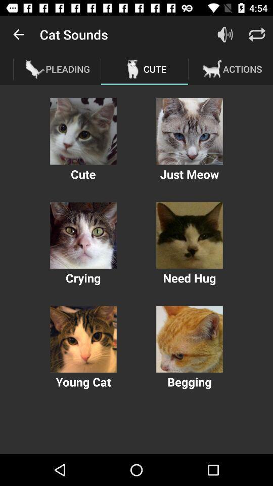 This screenshot has height=486, width=273. What do you see at coordinates (18, 34) in the screenshot?
I see `icon to the left of cat sounds` at bounding box center [18, 34].